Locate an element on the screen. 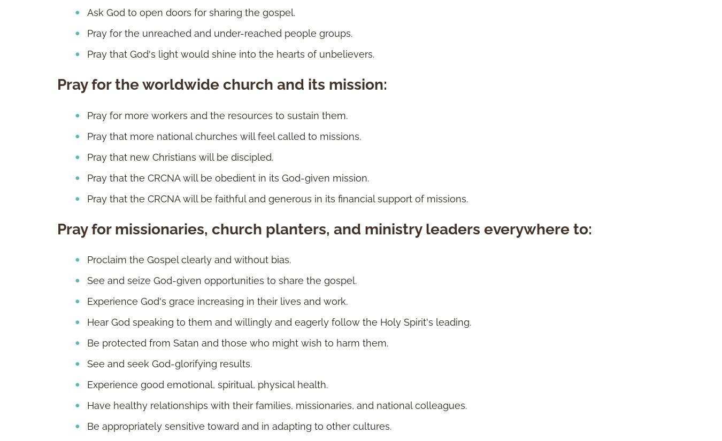 The height and width of the screenshot is (441, 722). 'Leadership' is located at coordinates (380, 126).